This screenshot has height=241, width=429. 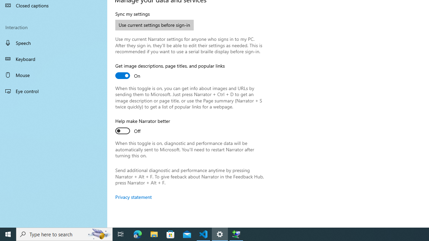 I want to click on 'Privacy statement', so click(x=133, y=196).